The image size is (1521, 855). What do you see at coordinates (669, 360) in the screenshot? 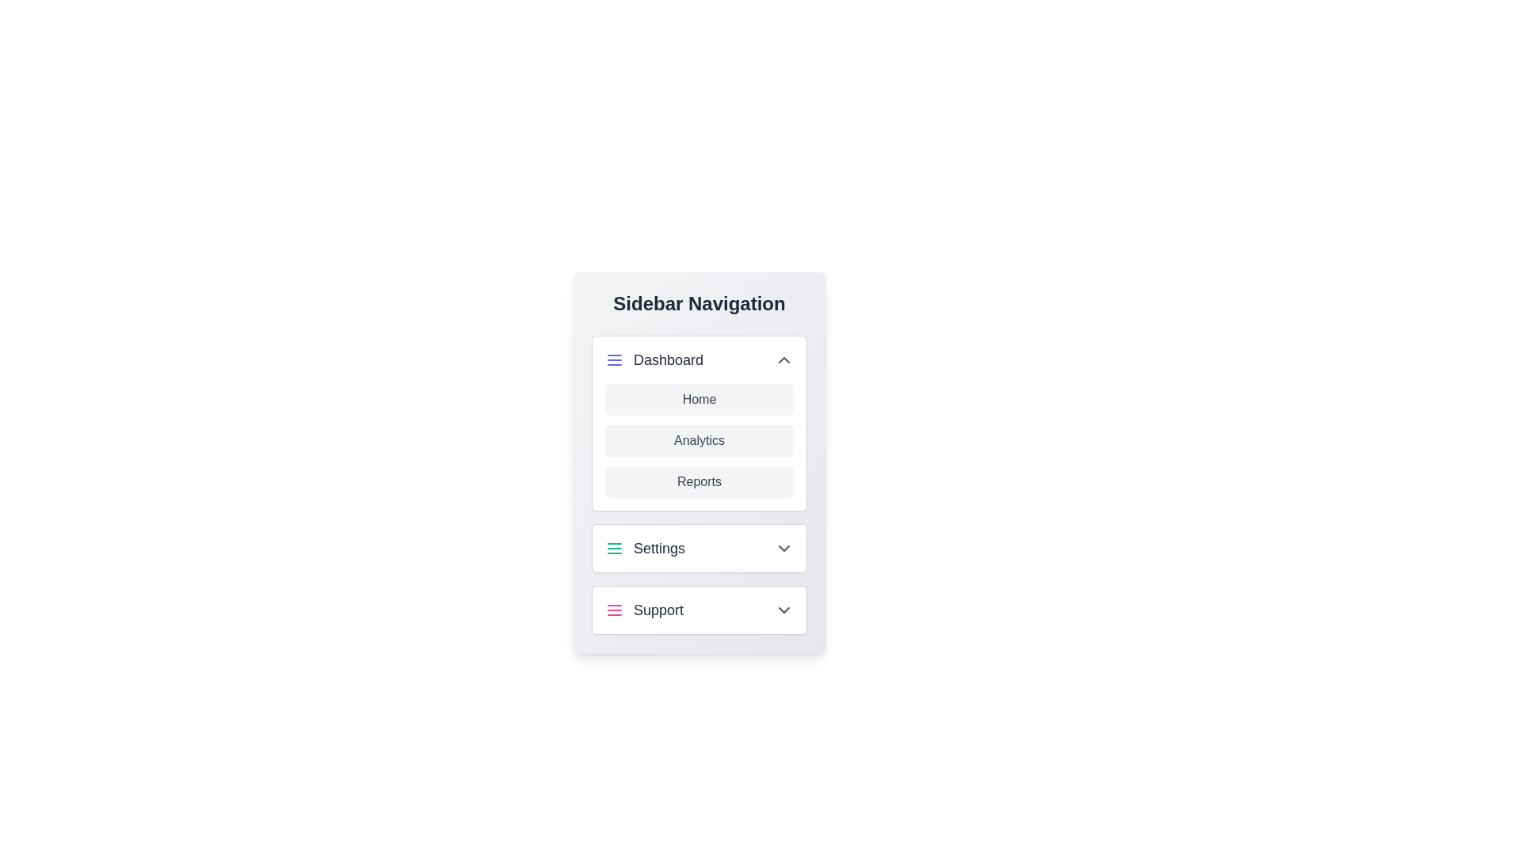
I see `text of the 'Dashboard' text label located in the vertical navigation sidebar, positioned near the top of the first group` at bounding box center [669, 360].